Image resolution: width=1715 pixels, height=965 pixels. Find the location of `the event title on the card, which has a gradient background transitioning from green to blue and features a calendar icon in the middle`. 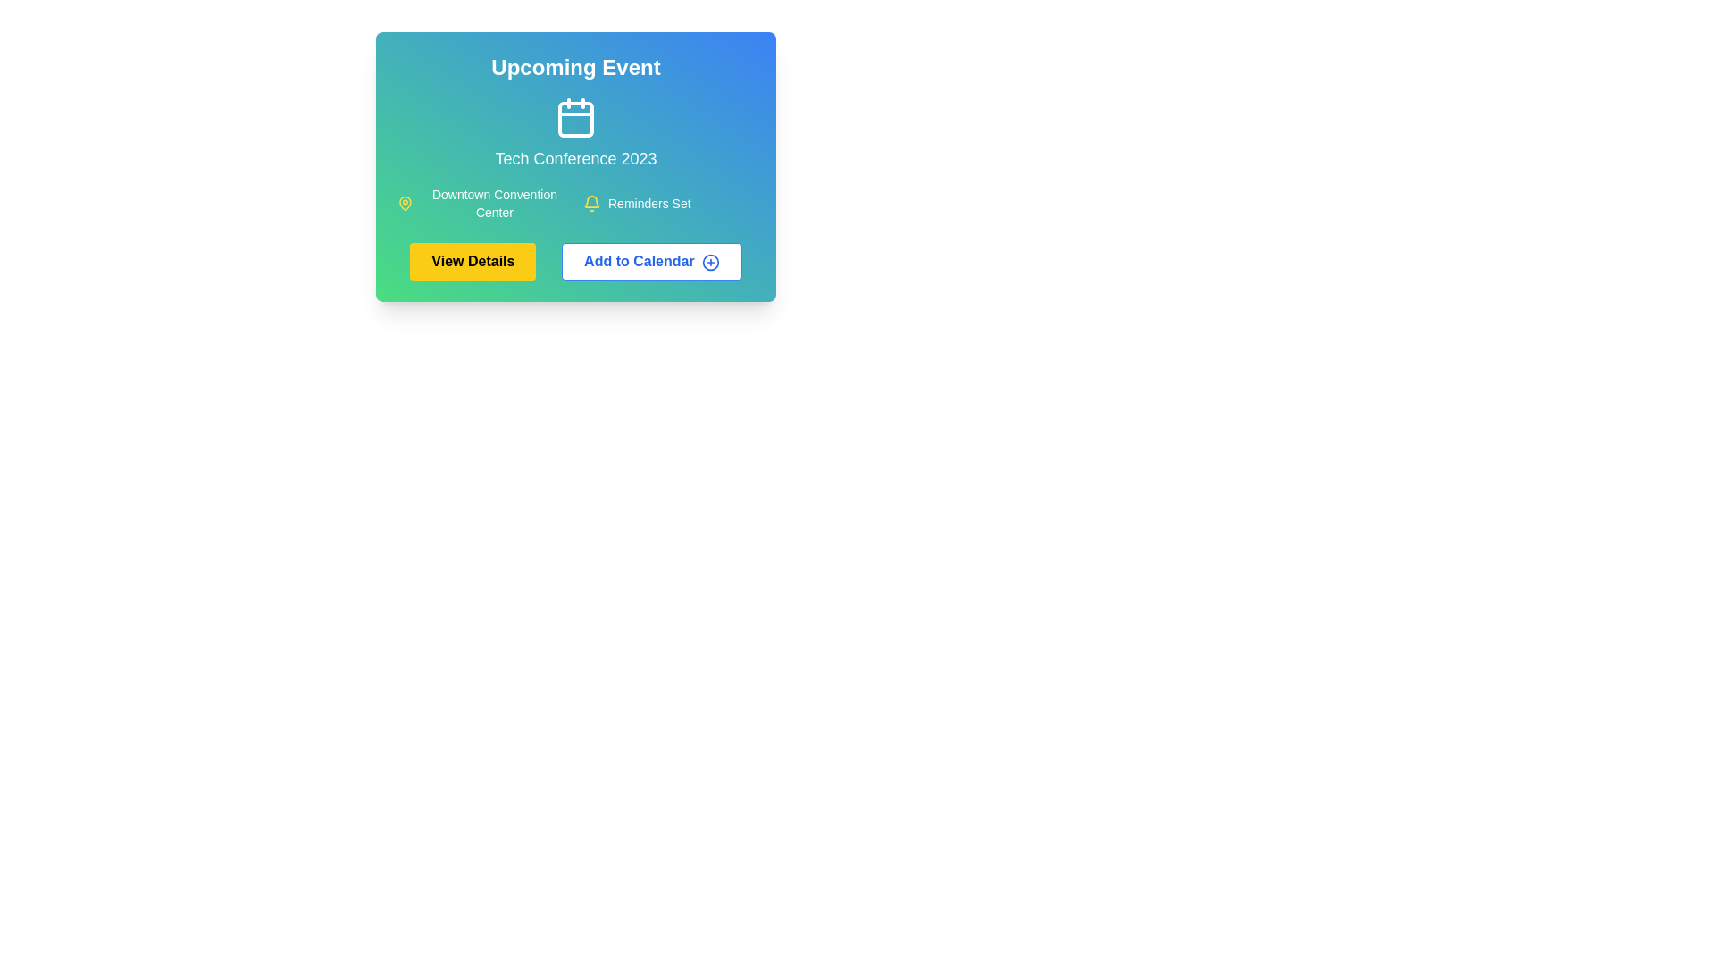

the event title on the card, which has a gradient background transitioning from green to blue and features a calendar icon in the middle is located at coordinates (575, 166).